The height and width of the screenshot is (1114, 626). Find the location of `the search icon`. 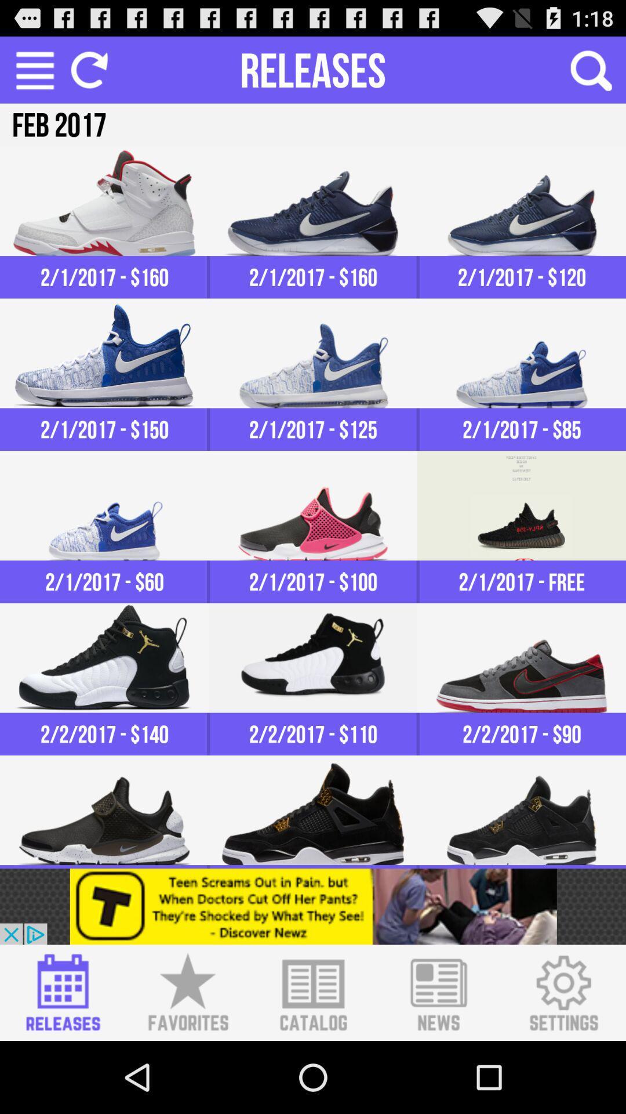

the search icon is located at coordinates (590, 74).